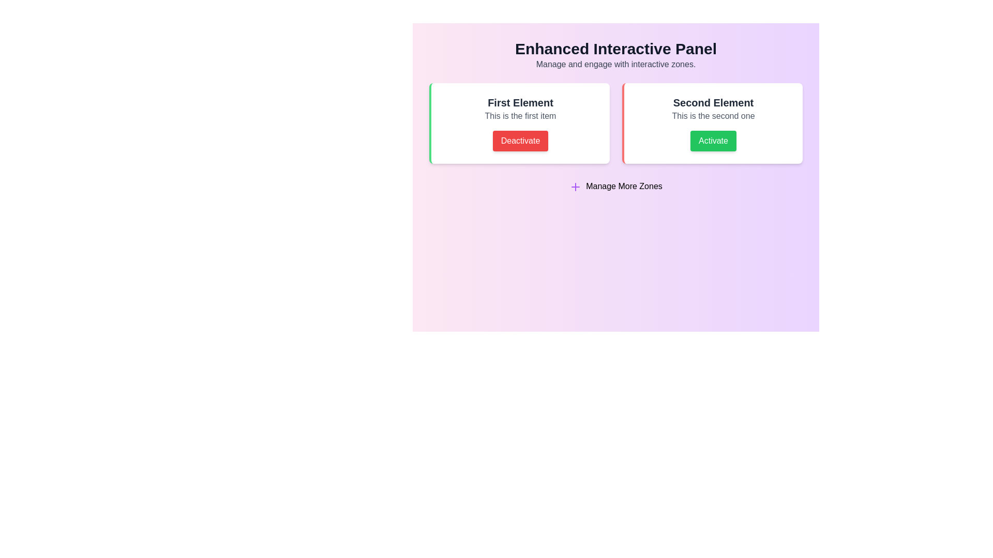 This screenshot has height=558, width=993. What do you see at coordinates (713, 116) in the screenshot?
I see `the text label displaying 'This is the second one' which is located below the 'Second Element' heading and above the green 'Activate' button in the right-hand card` at bounding box center [713, 116].